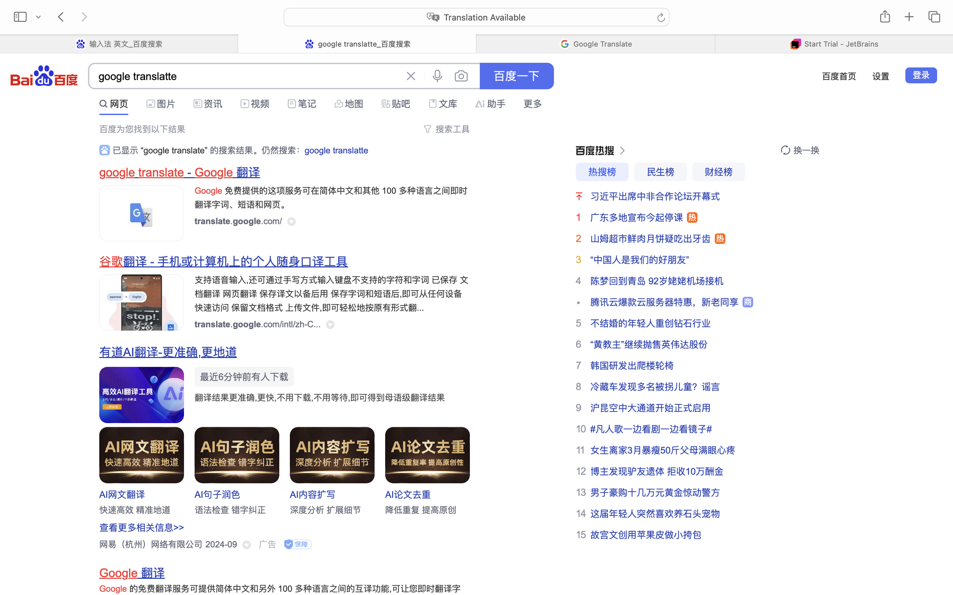  What do you see at coordinates (578, 259) in the screenshot?
I see `'3'` at bounding box center [578, 259].